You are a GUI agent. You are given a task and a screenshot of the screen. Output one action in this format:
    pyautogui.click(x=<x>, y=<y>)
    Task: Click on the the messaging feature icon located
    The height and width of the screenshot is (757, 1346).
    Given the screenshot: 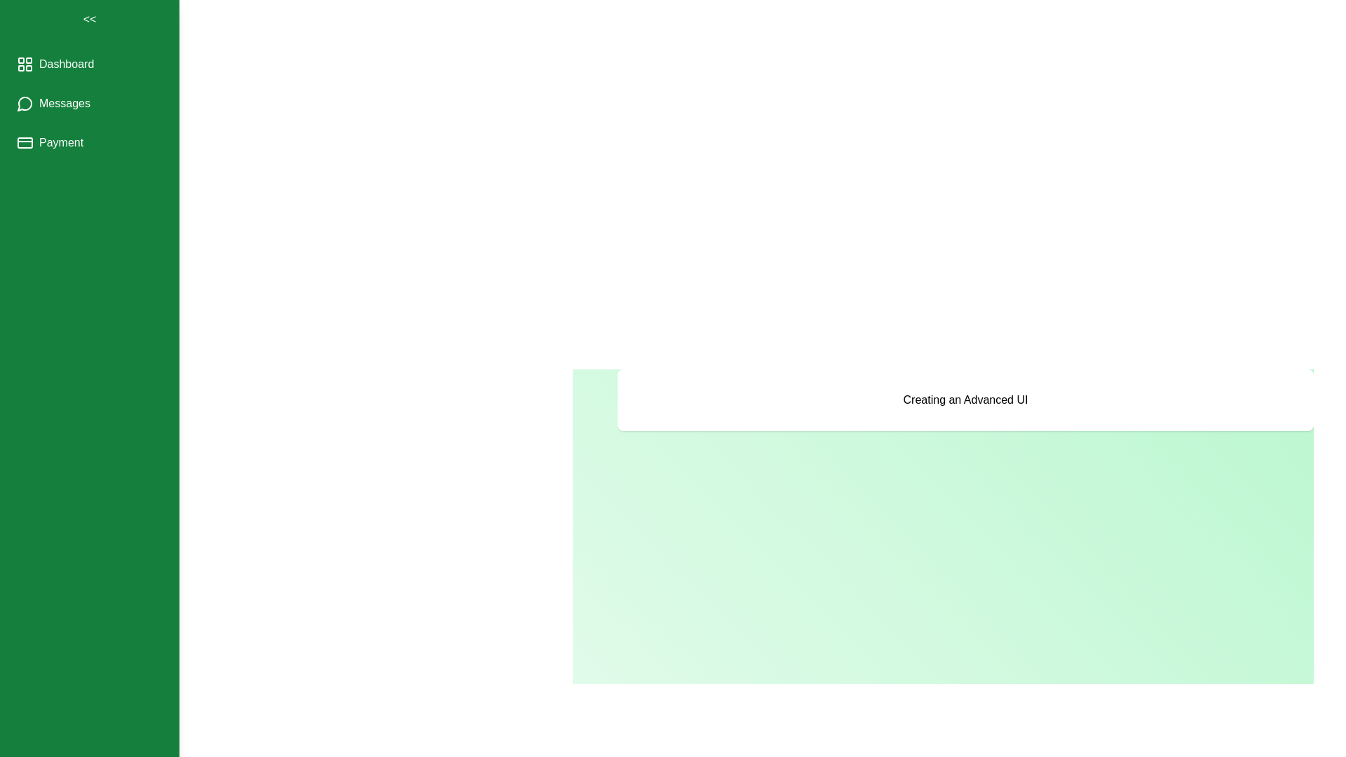 What is the action you would take?
    pyautogui.click(x=25, y=103)
    